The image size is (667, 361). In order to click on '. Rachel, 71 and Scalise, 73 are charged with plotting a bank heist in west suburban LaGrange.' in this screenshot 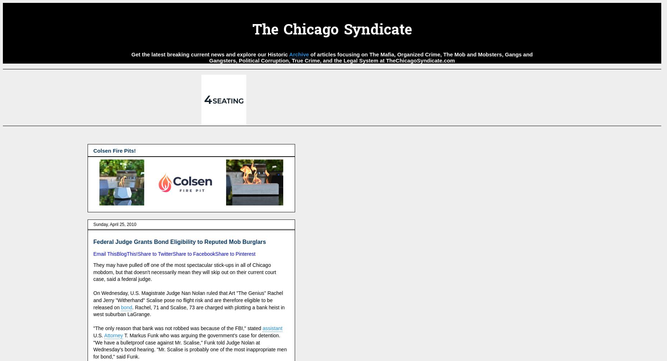, I will do `click(93, 310)`.